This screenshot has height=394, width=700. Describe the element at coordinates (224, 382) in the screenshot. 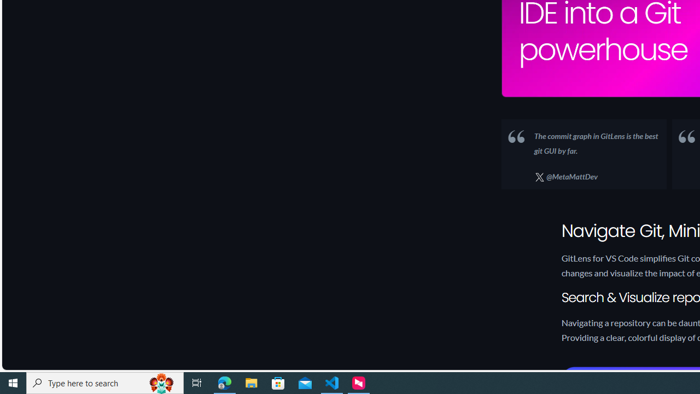

I see `'Microsoft Edge - 1 running window'` at that location.